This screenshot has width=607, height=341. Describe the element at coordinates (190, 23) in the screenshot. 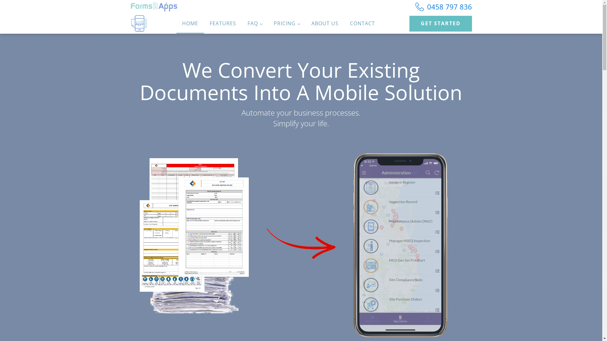

I see `'HOME'` at that location.